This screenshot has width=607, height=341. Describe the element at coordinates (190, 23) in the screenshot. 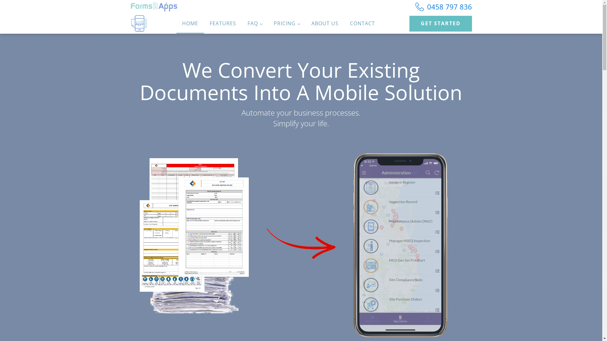

I see `'HOME'` at that location.